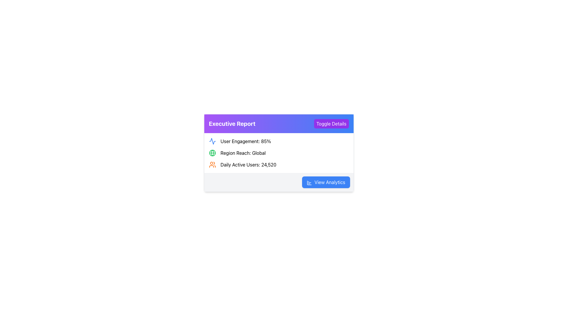  Describe the element at coordinates (212, 153) in the screenshot. I see `the green circular globe icon that represents global reach, located to the left of the text 'Region Reach: Global' in the 'Executive Report' section` at that location.